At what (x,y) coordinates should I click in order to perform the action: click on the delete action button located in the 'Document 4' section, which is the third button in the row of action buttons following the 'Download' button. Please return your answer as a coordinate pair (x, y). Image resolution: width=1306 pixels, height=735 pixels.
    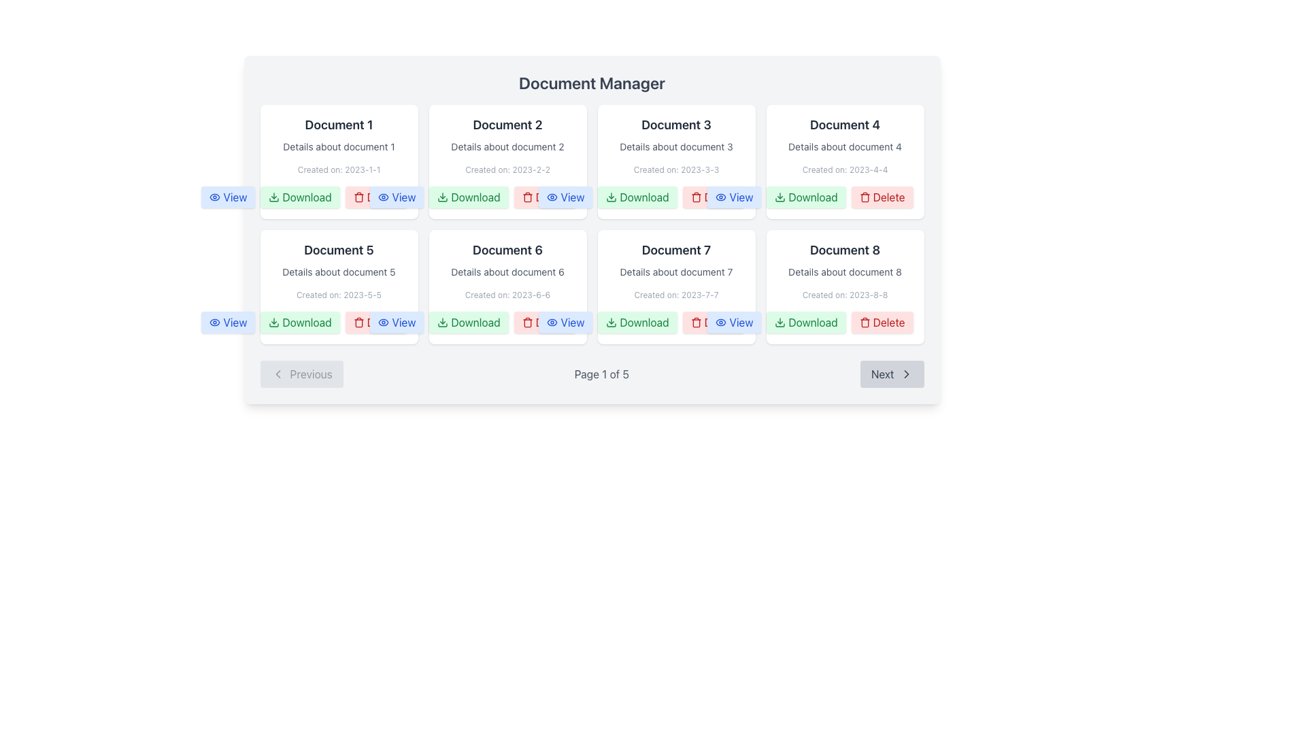
    Looking at the image, I should click on (882, 197).